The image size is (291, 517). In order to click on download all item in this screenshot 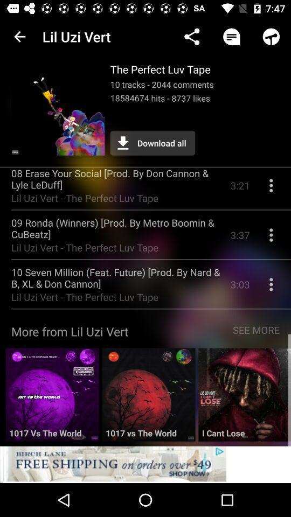, I will do `click(152, 142)`.